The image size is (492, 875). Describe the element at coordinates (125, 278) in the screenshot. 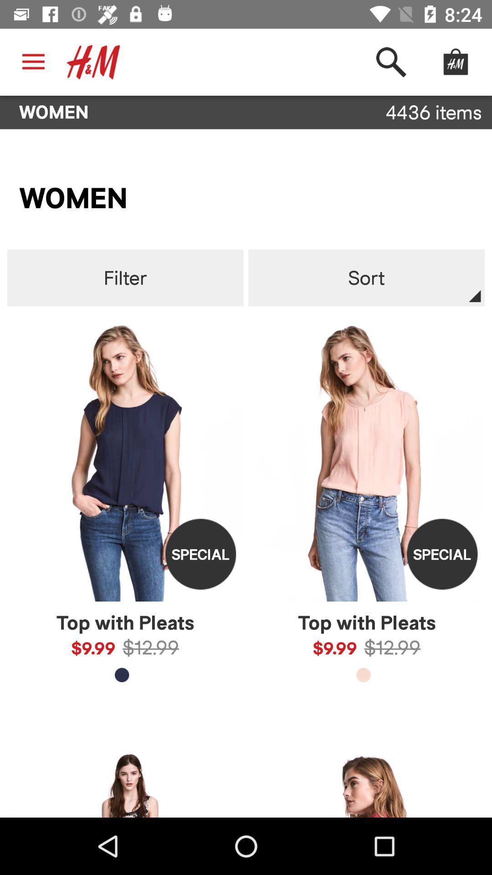

I see `the item next to sort icon` at that location.